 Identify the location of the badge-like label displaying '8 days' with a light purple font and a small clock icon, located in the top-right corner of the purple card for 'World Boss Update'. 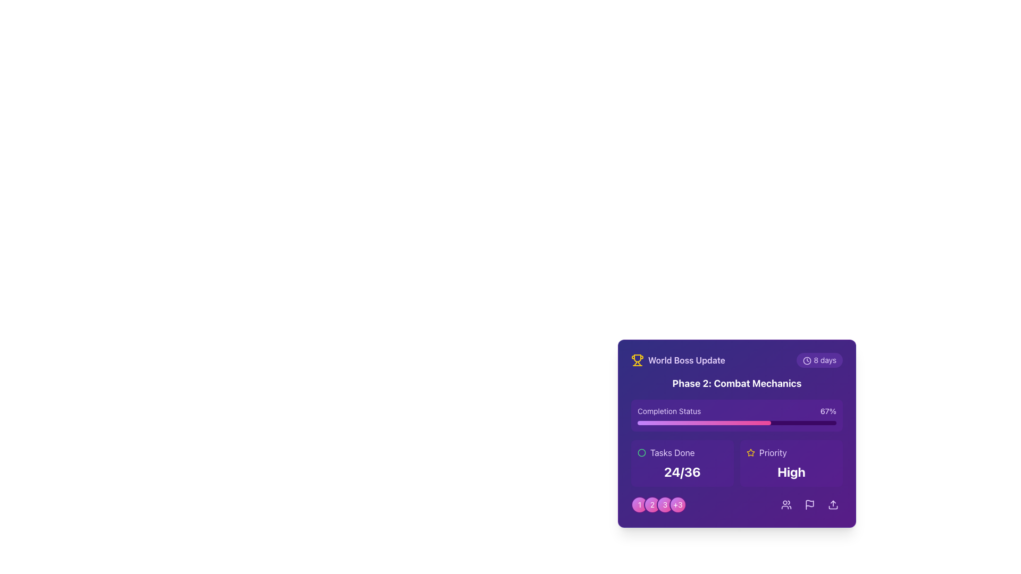
(819, 360).